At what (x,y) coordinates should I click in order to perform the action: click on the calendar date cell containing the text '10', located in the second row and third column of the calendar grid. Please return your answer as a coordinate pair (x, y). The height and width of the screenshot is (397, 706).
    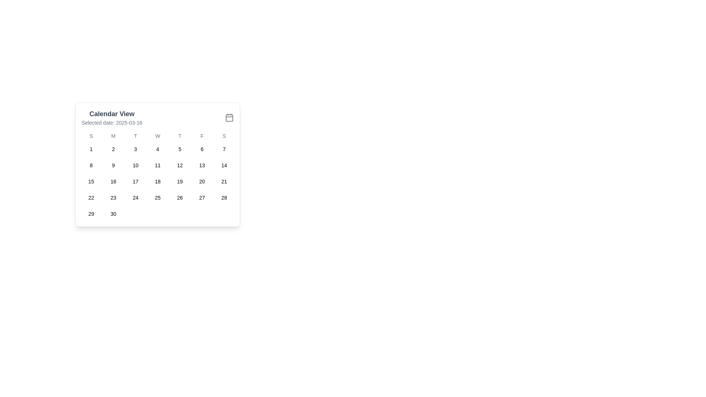
    Looking at the image, I should click on (135, 165).